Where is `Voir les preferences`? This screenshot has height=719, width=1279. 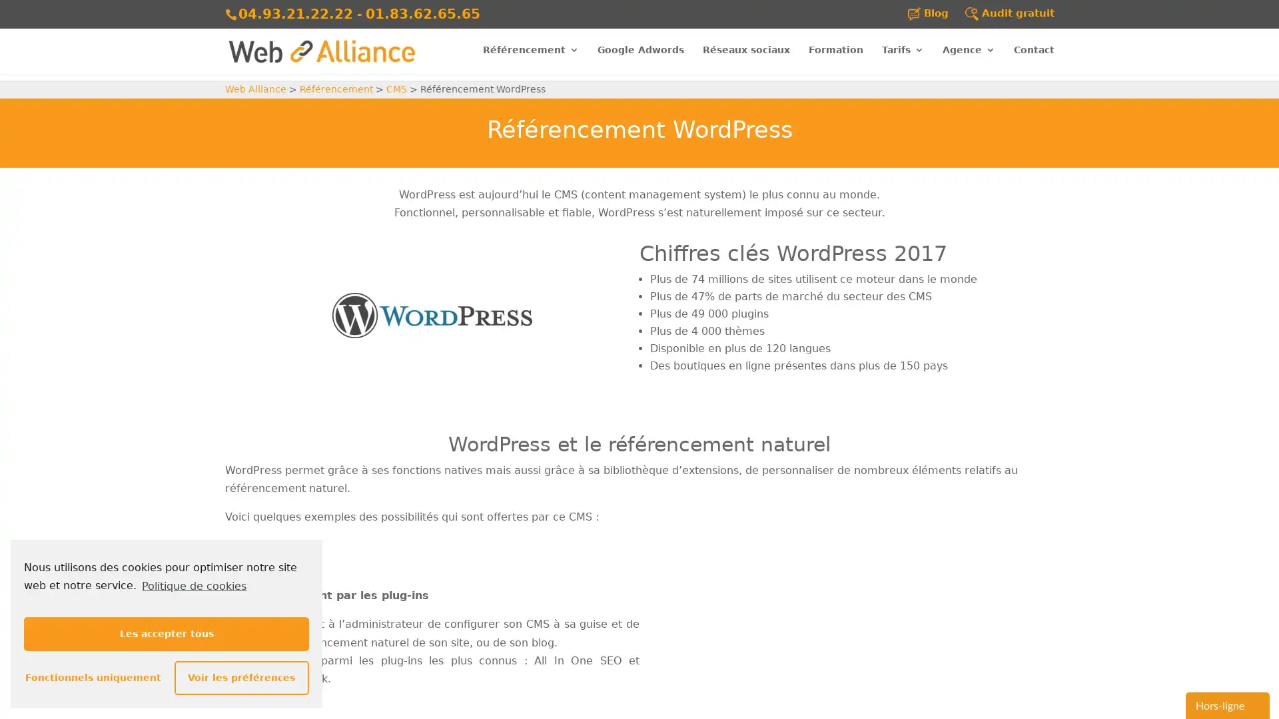
Voir les preferences is located at coordinates (240, 677).